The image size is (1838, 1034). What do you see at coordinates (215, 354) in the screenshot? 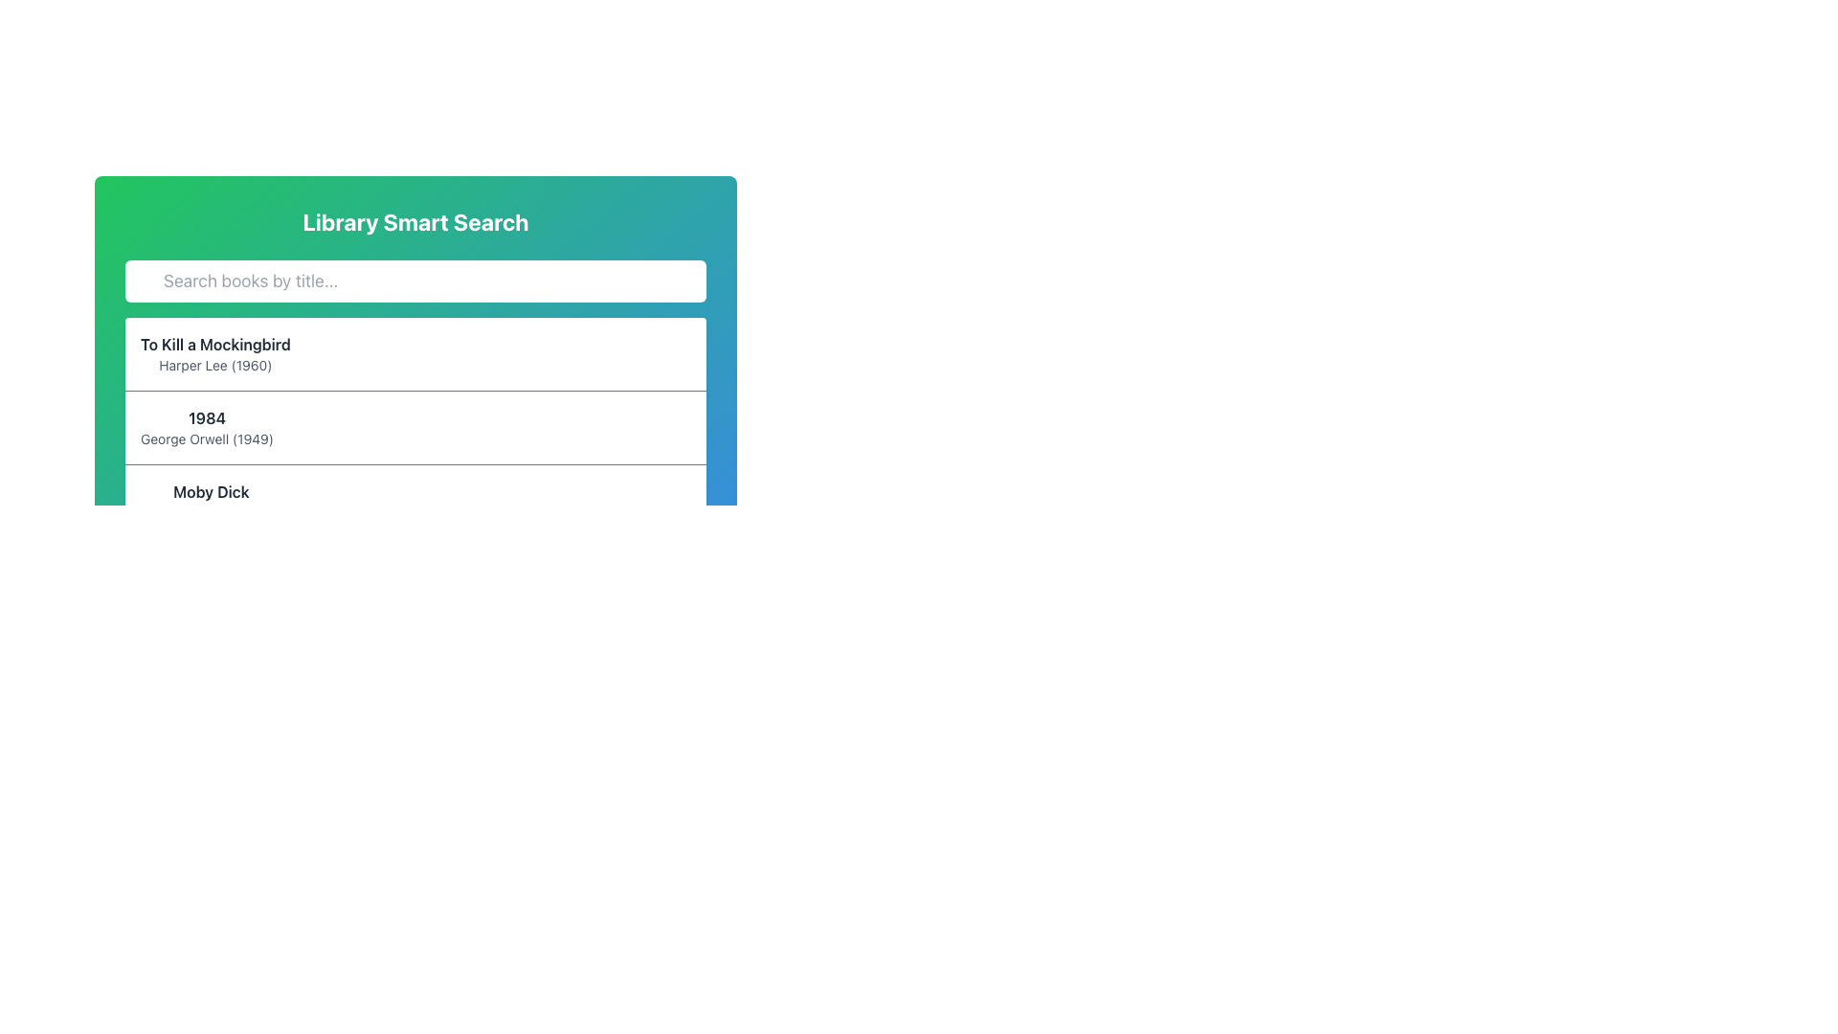
I see `the text display showing 'To Kill a Mockingbird' by Harper Lee in the Library Smart Search section` at bounding box center [215, 354].